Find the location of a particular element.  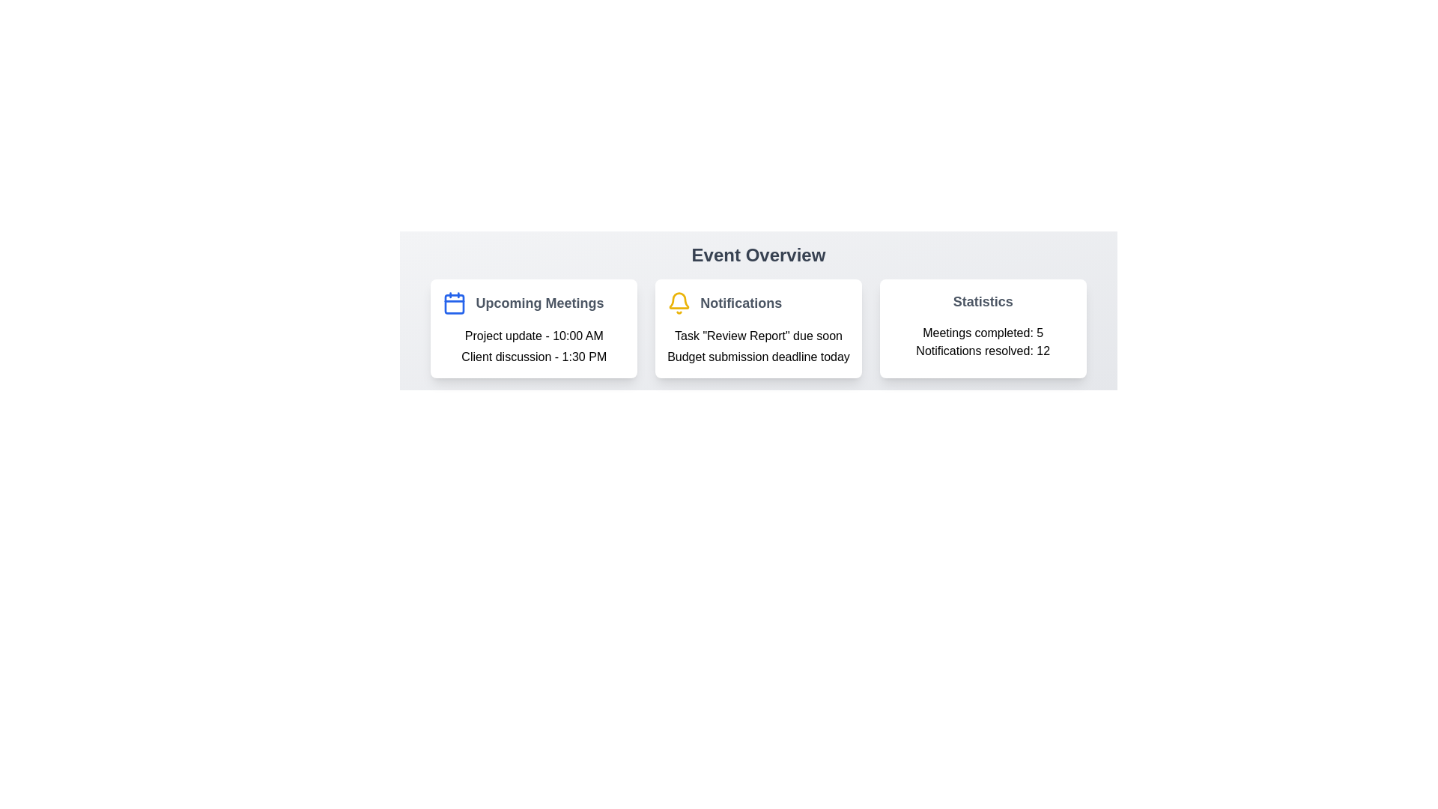

the static text element that informs users about the upcoming meeting titled 'Client discussion' scheduled at 1:30 PM, which is the second entry in the 'Upcoming Meetings' card is located at coordinates (534, 357).